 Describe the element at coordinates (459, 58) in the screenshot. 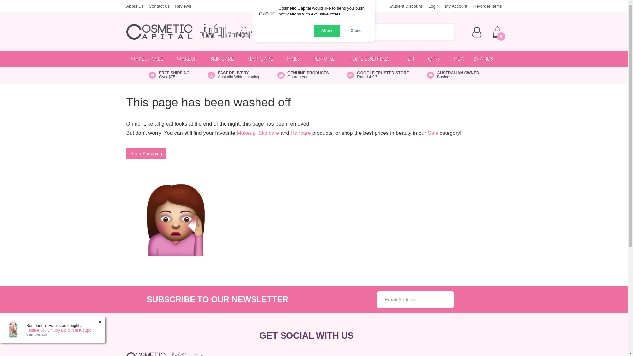

I see `'NEW'` at that location.